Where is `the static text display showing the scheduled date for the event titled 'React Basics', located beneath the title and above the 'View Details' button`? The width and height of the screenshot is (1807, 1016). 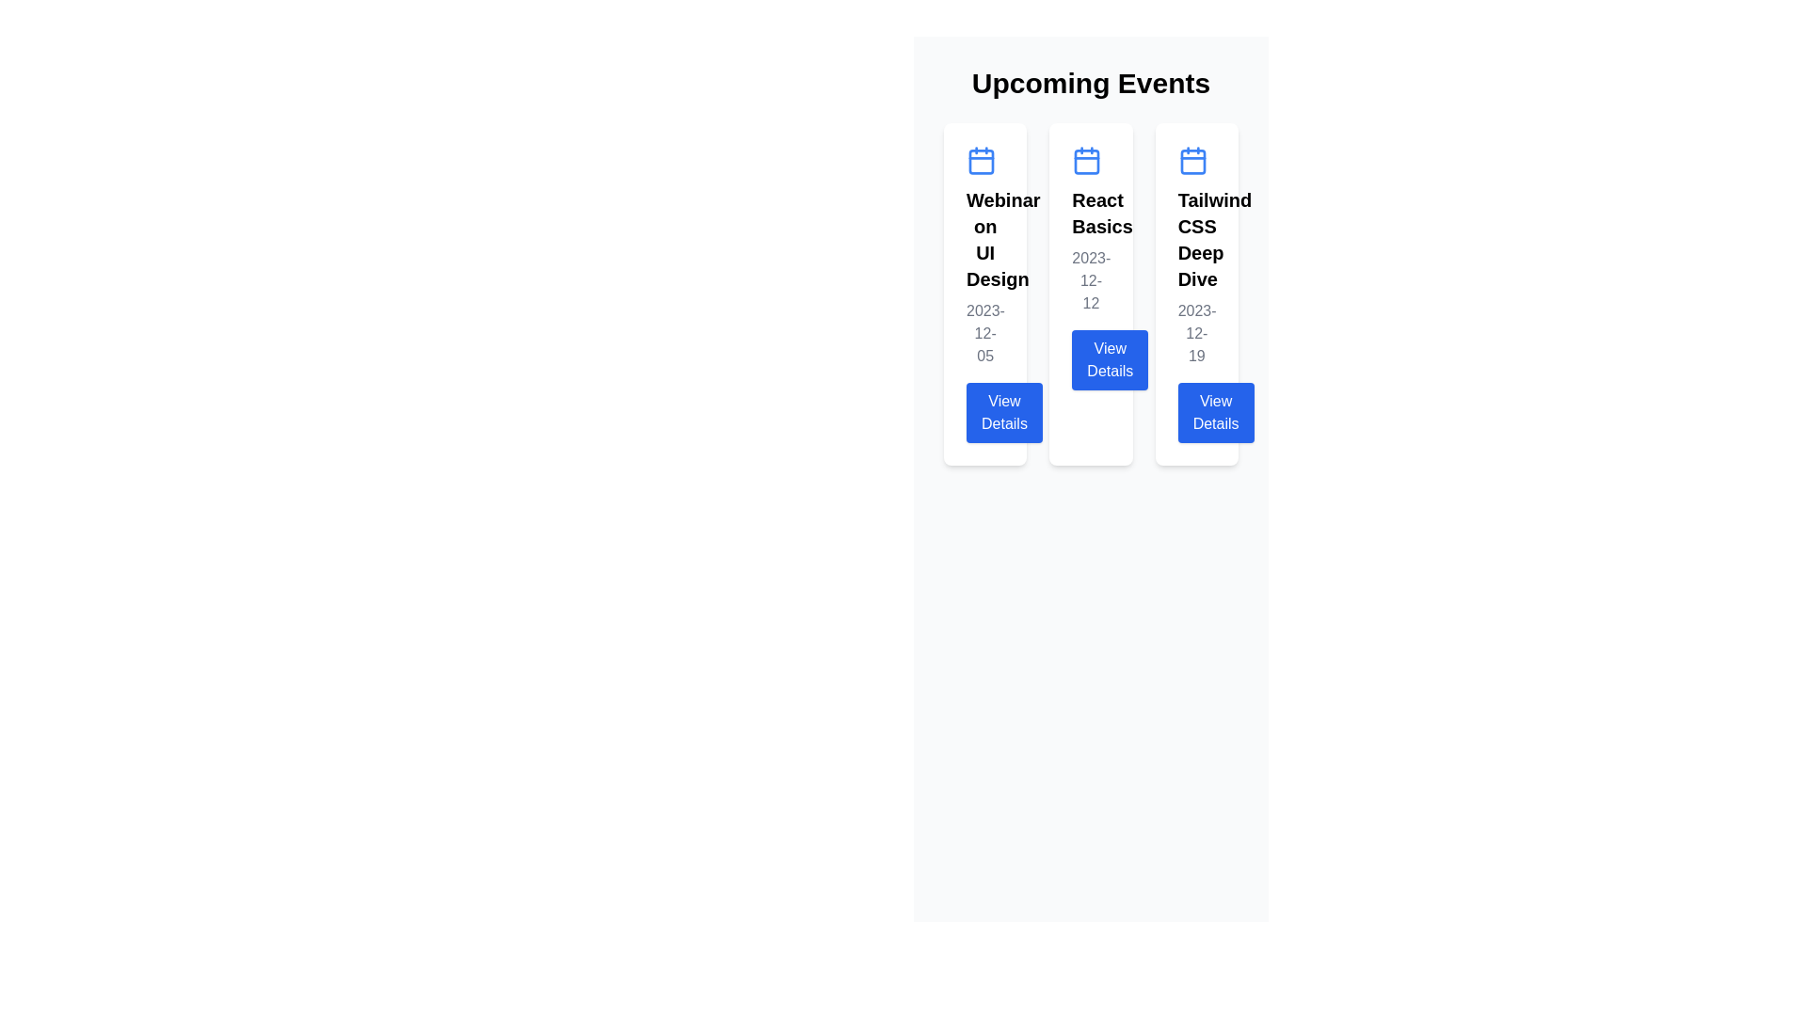 the static text display showing the scheduled date for the event titled 'React Basics', located beneath the title and above the 'View Details' button is located at coordinates (1091, 281).